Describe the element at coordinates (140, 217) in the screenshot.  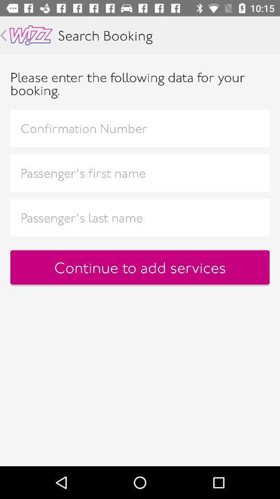
I see `last name` at that location.